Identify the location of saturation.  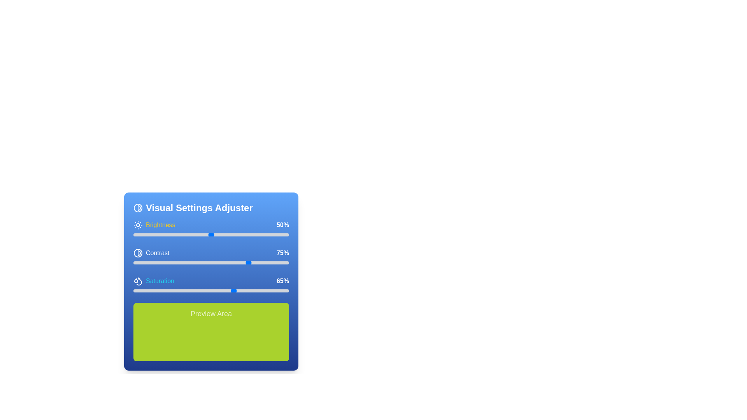
(158, 291).